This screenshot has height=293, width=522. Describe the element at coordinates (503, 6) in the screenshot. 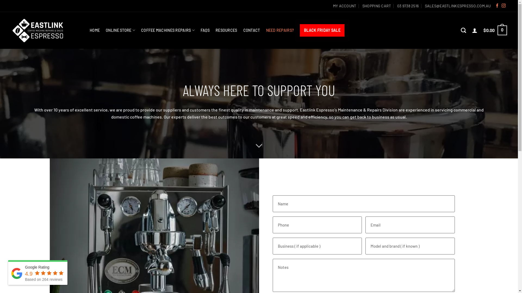

I see `'Follow on Instagram'` at that location.